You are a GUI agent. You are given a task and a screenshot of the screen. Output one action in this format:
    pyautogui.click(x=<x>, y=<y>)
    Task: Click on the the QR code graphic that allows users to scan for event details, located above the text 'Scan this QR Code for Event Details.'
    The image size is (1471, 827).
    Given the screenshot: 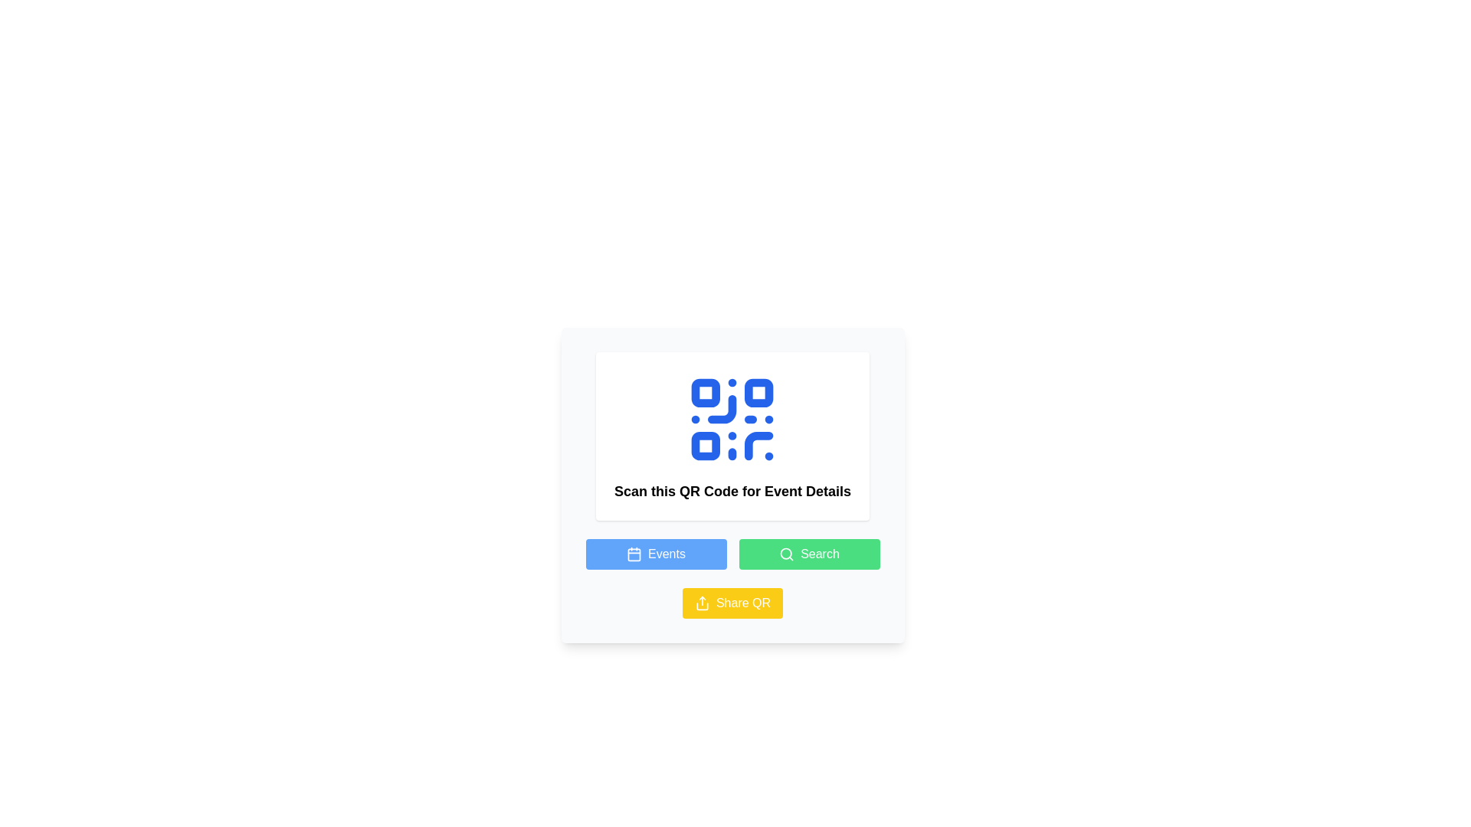 What is the action you would take?
    pyautogui.click(x=732, y=419)
    